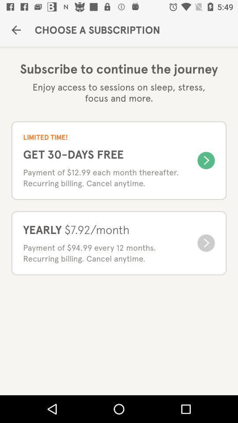  I want to click on item next to choose a subscription item, so click(16, 30).